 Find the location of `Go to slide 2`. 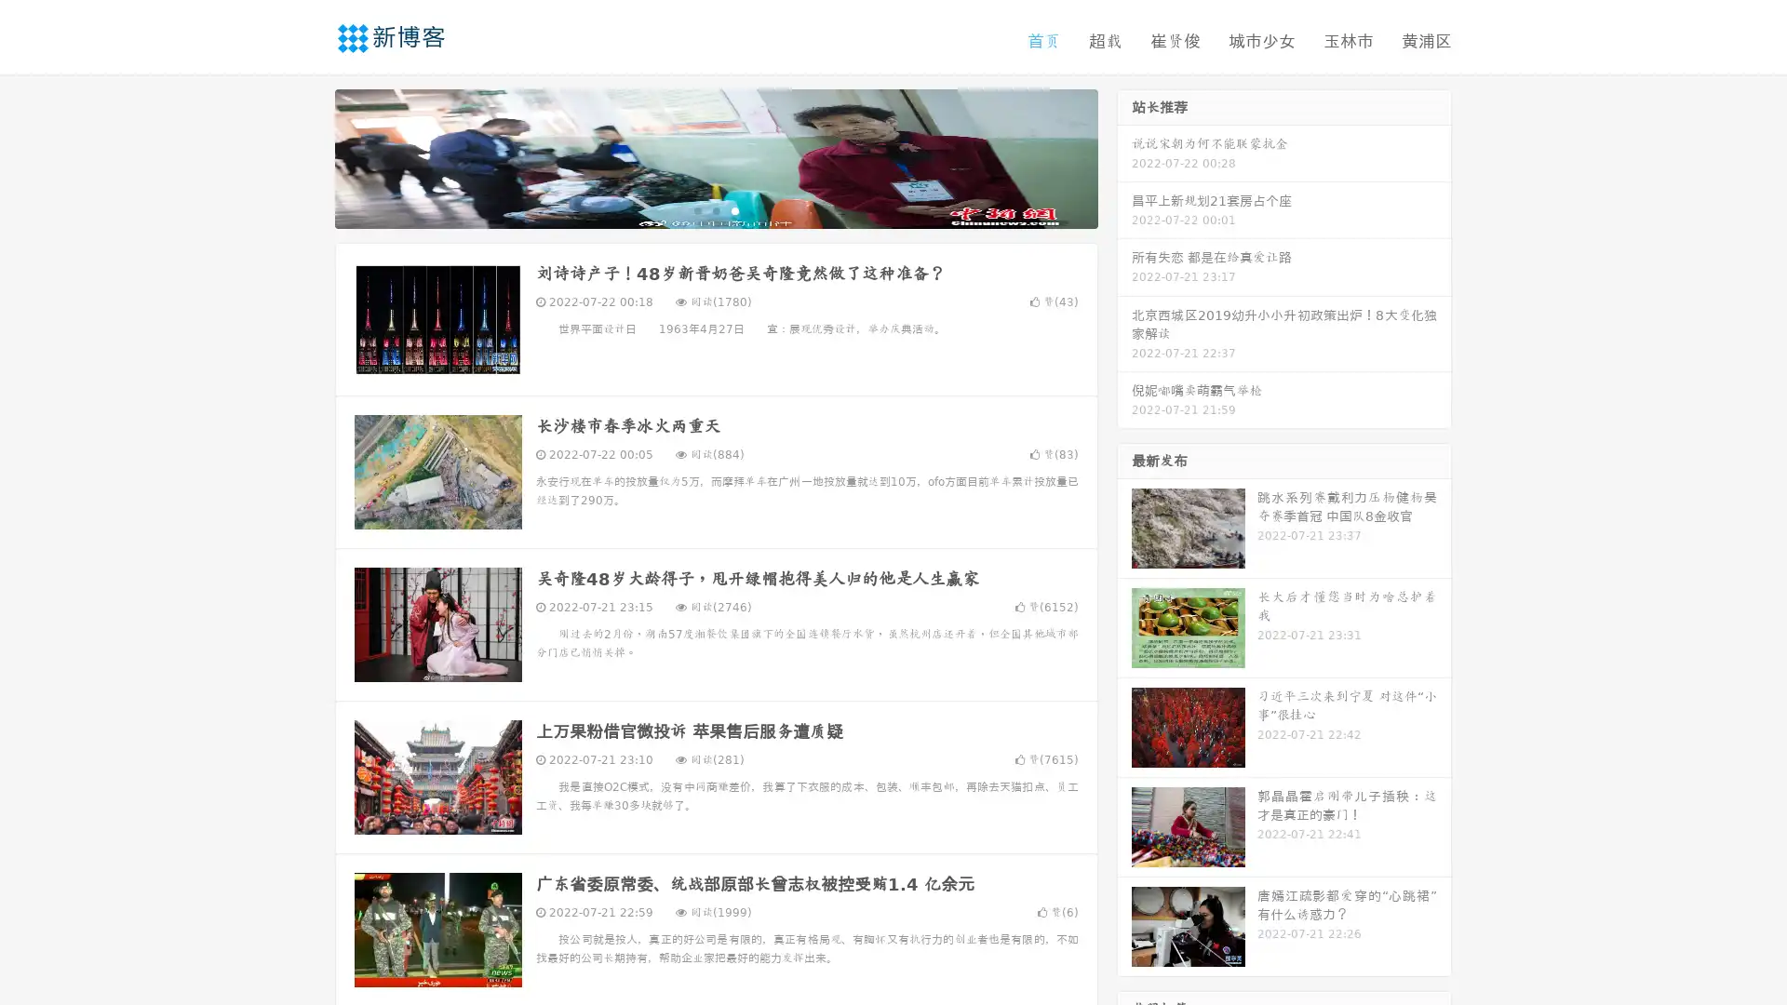

Go to slide 2 is located at coordinates (715, 209).